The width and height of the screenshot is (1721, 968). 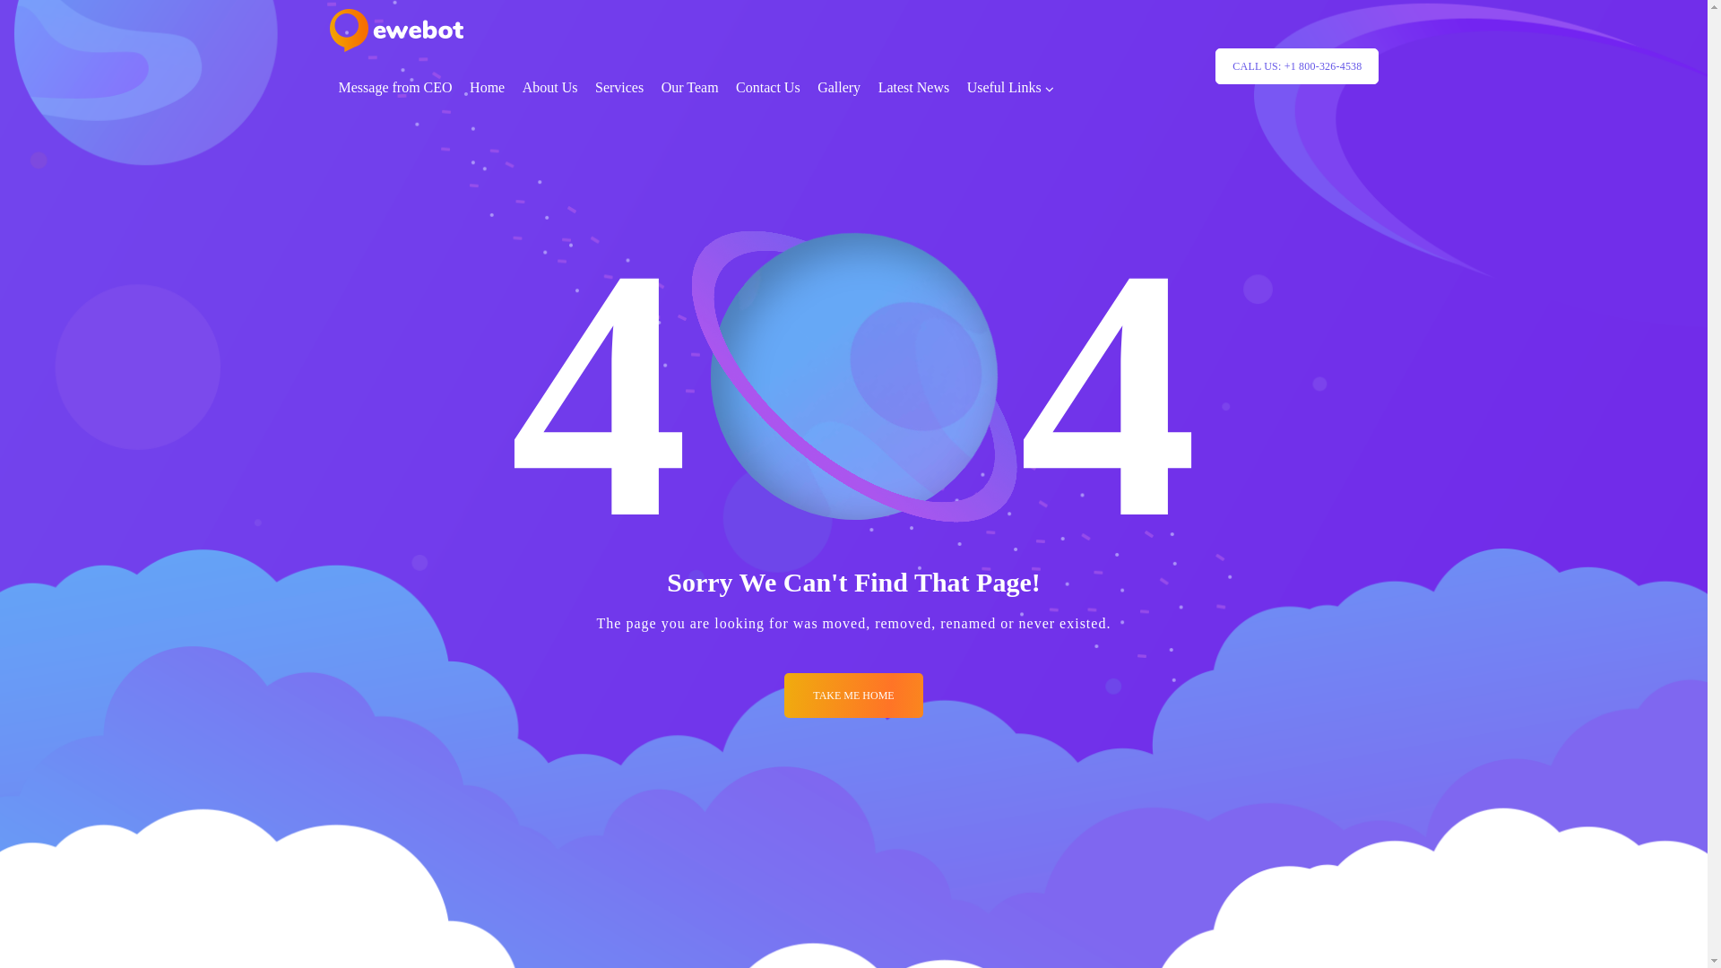 I want to click on 'Useful Links', so click(x=1010, y=87).